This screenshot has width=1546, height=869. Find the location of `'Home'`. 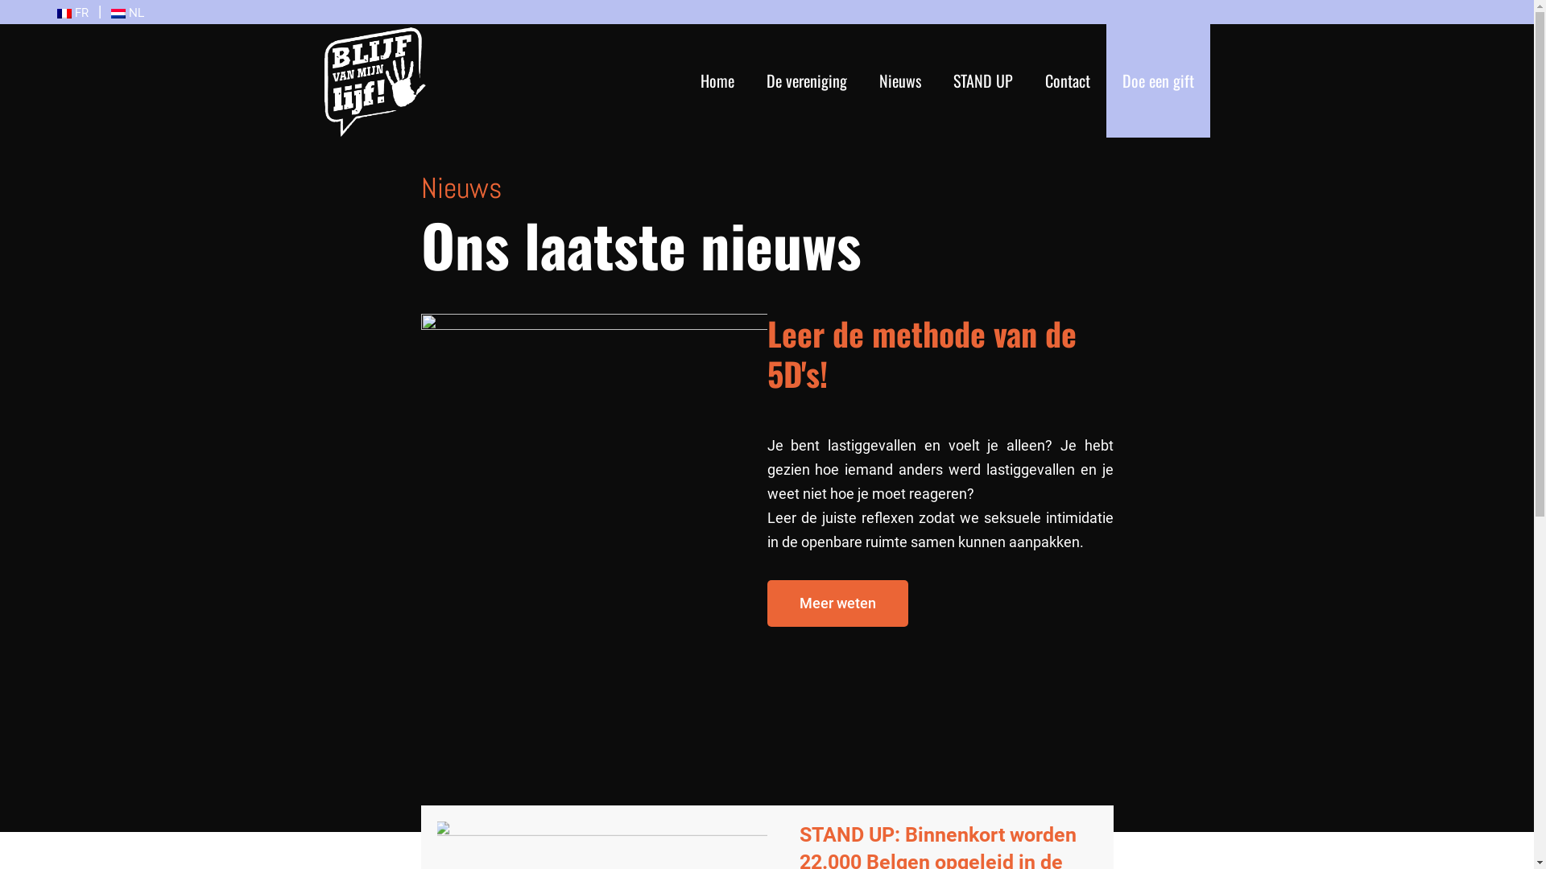

'Home' is located at coordinates (717, 80).